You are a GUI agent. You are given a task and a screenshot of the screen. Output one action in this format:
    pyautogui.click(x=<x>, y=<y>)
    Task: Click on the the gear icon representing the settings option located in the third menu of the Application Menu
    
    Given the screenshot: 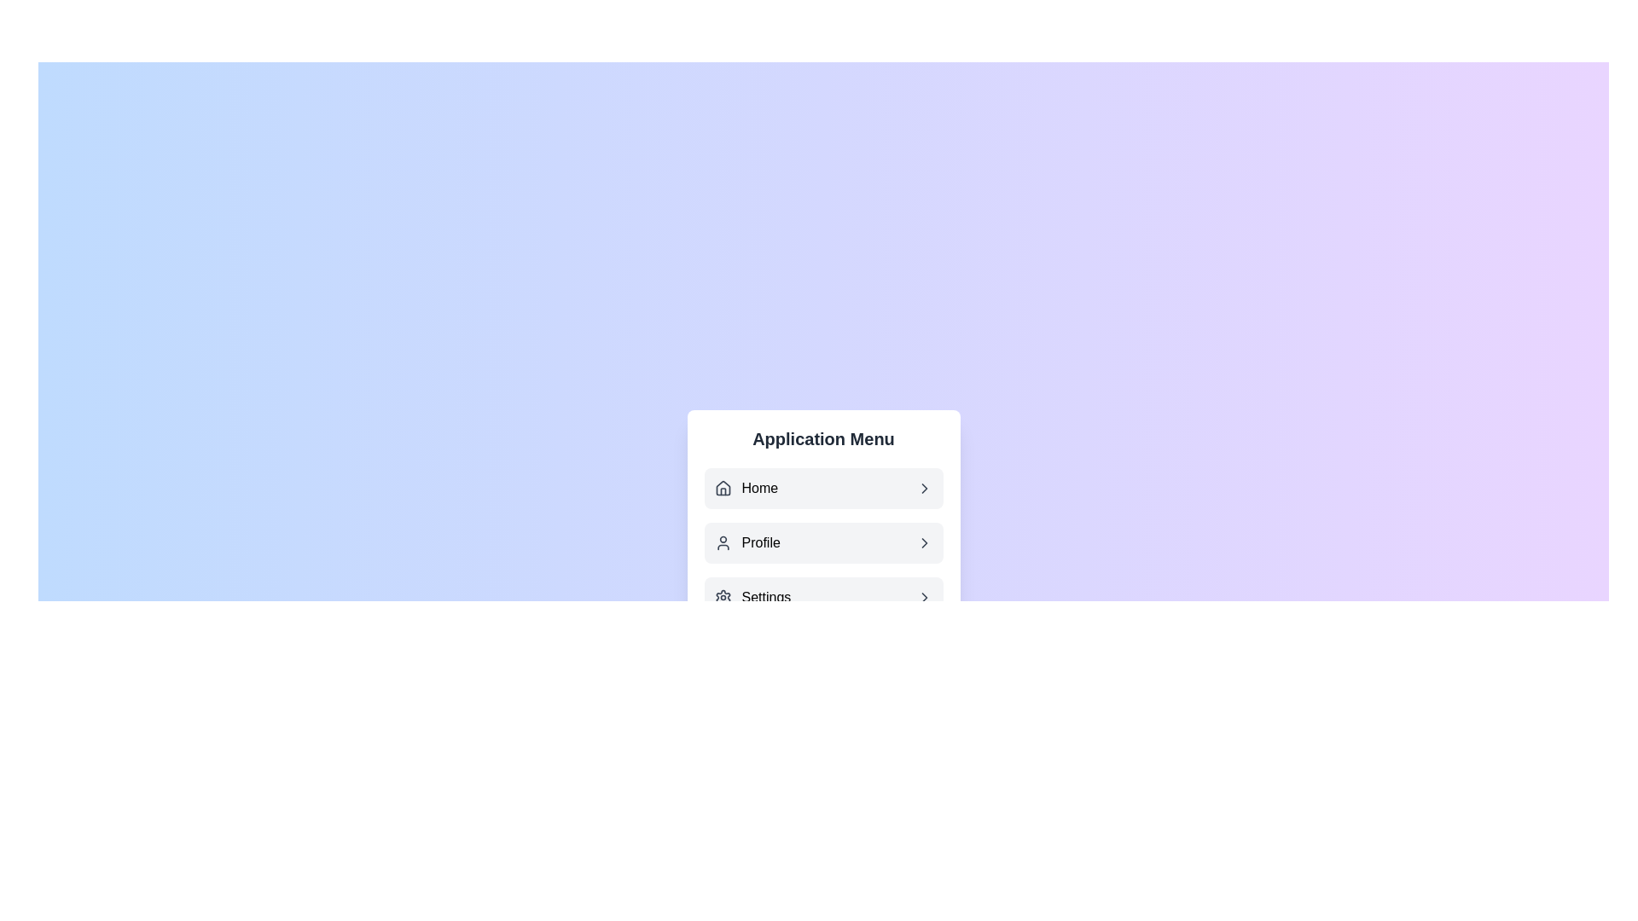 What is the action you would take?
    pyautogui.click(x=723, y=597)
    